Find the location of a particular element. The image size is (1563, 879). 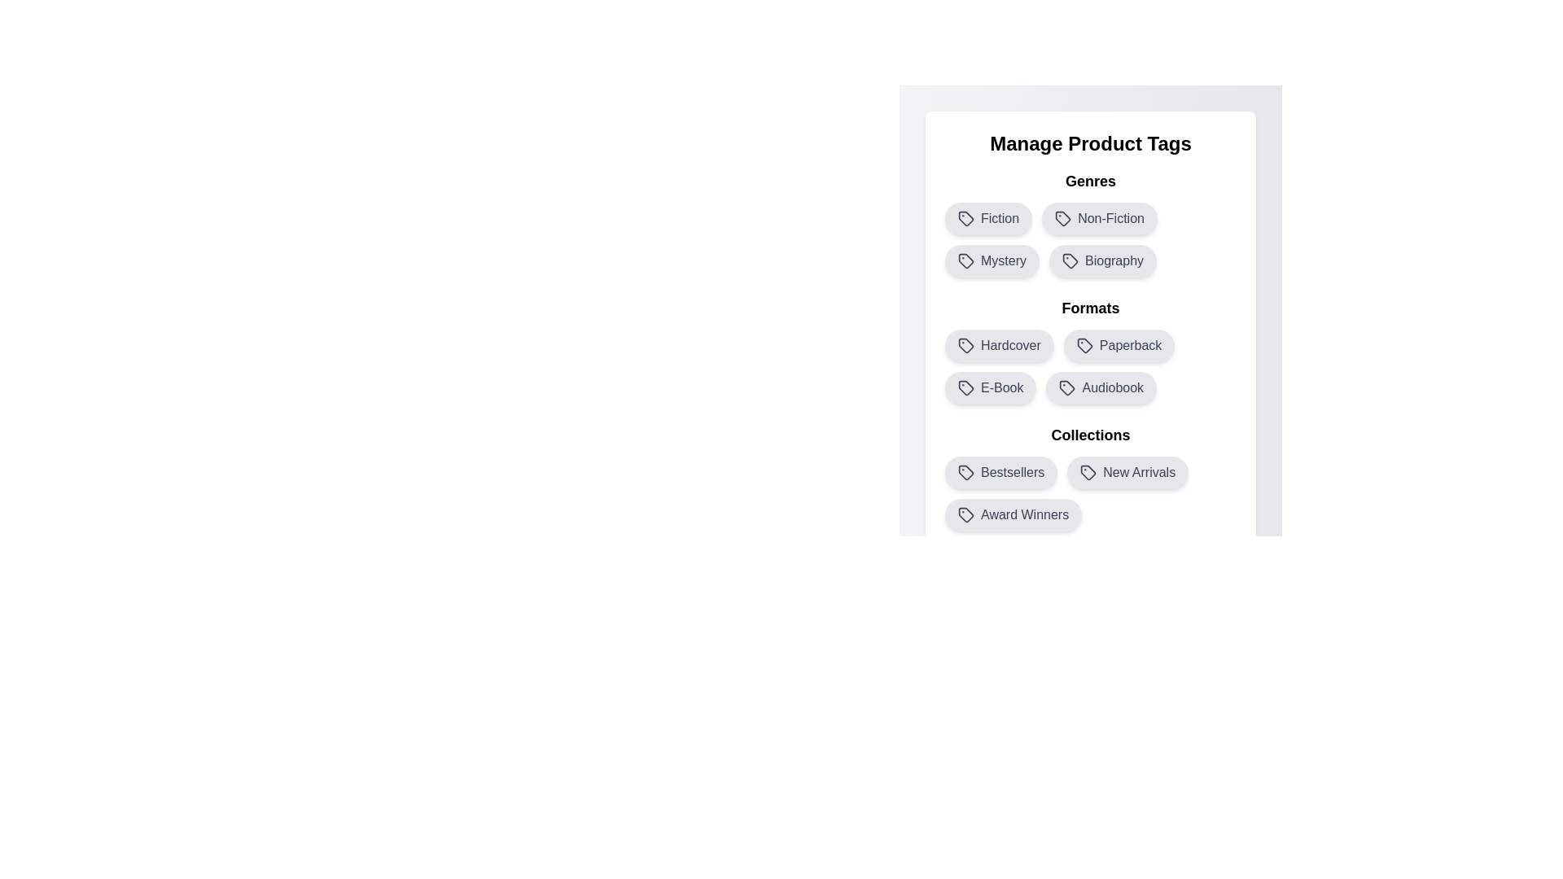

the tag icon located within the 'Hardcover' button in the 'Formats' section of the 'Manage Product Tags' card is located at coordinates (965, 344).